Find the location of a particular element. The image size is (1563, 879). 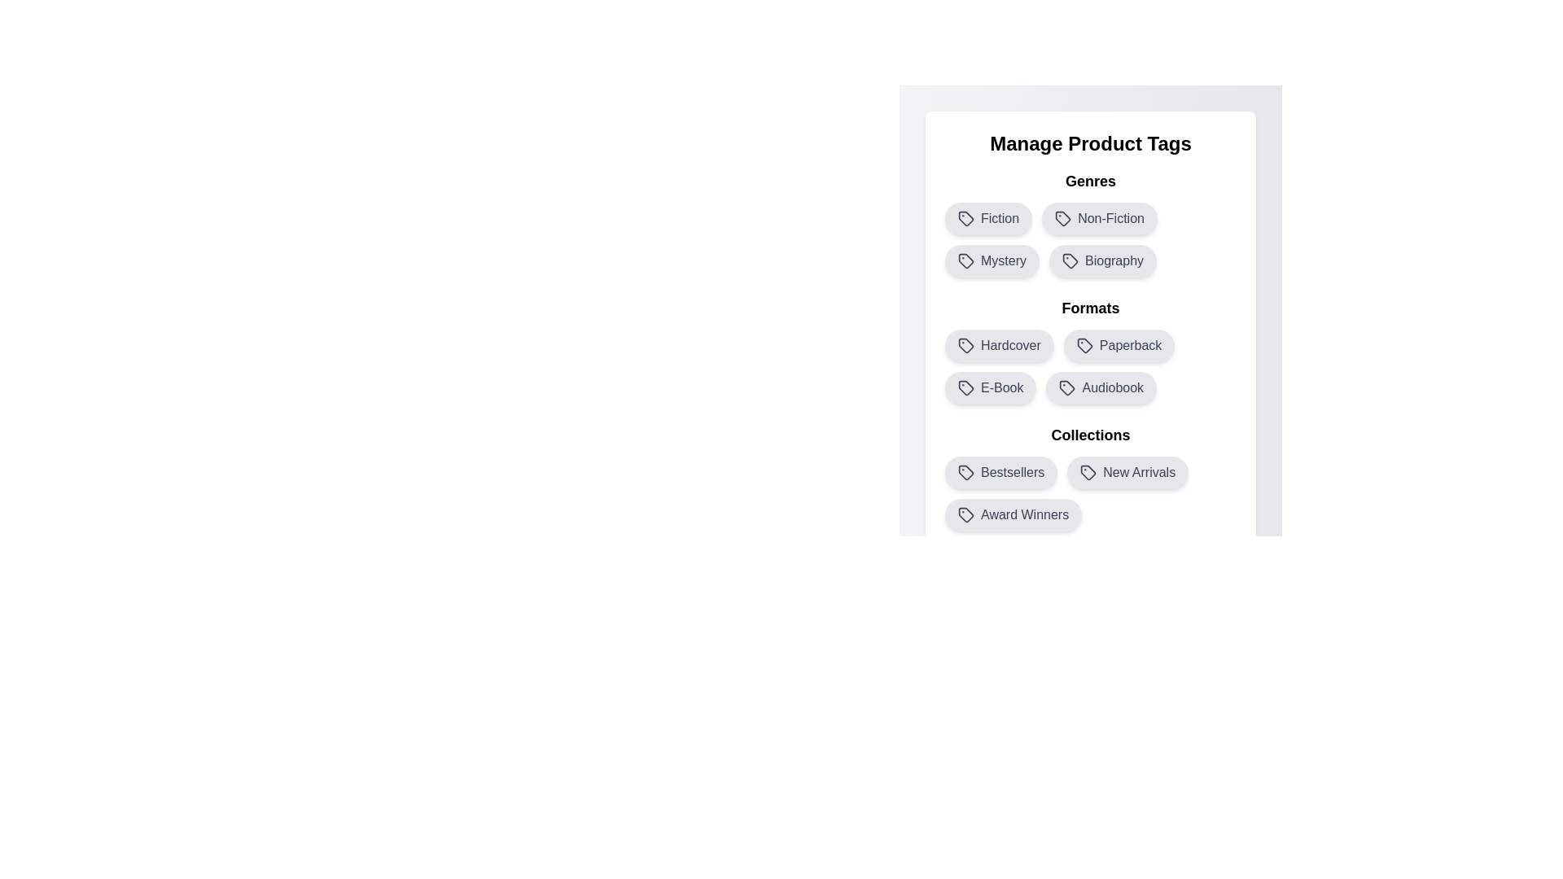

the tag icon located within the 'Hardcover' button in the 'Formats' section of the 'Manage Product Tags' card is located at coordinates (965, 344).